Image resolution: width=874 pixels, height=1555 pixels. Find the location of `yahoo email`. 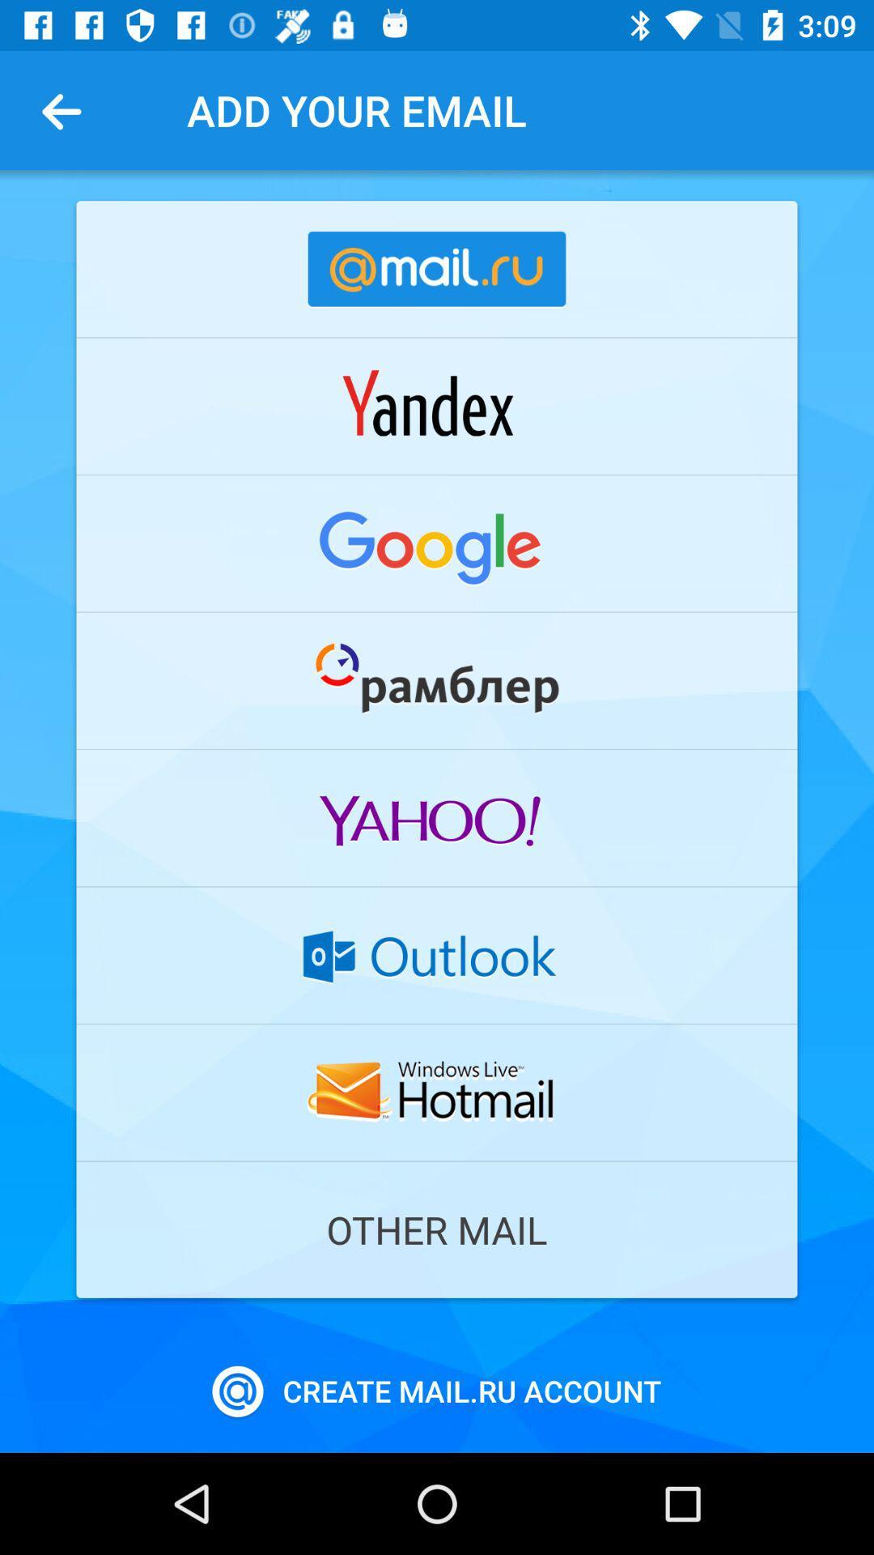

yahoo email is located at coordinates (437, 818).